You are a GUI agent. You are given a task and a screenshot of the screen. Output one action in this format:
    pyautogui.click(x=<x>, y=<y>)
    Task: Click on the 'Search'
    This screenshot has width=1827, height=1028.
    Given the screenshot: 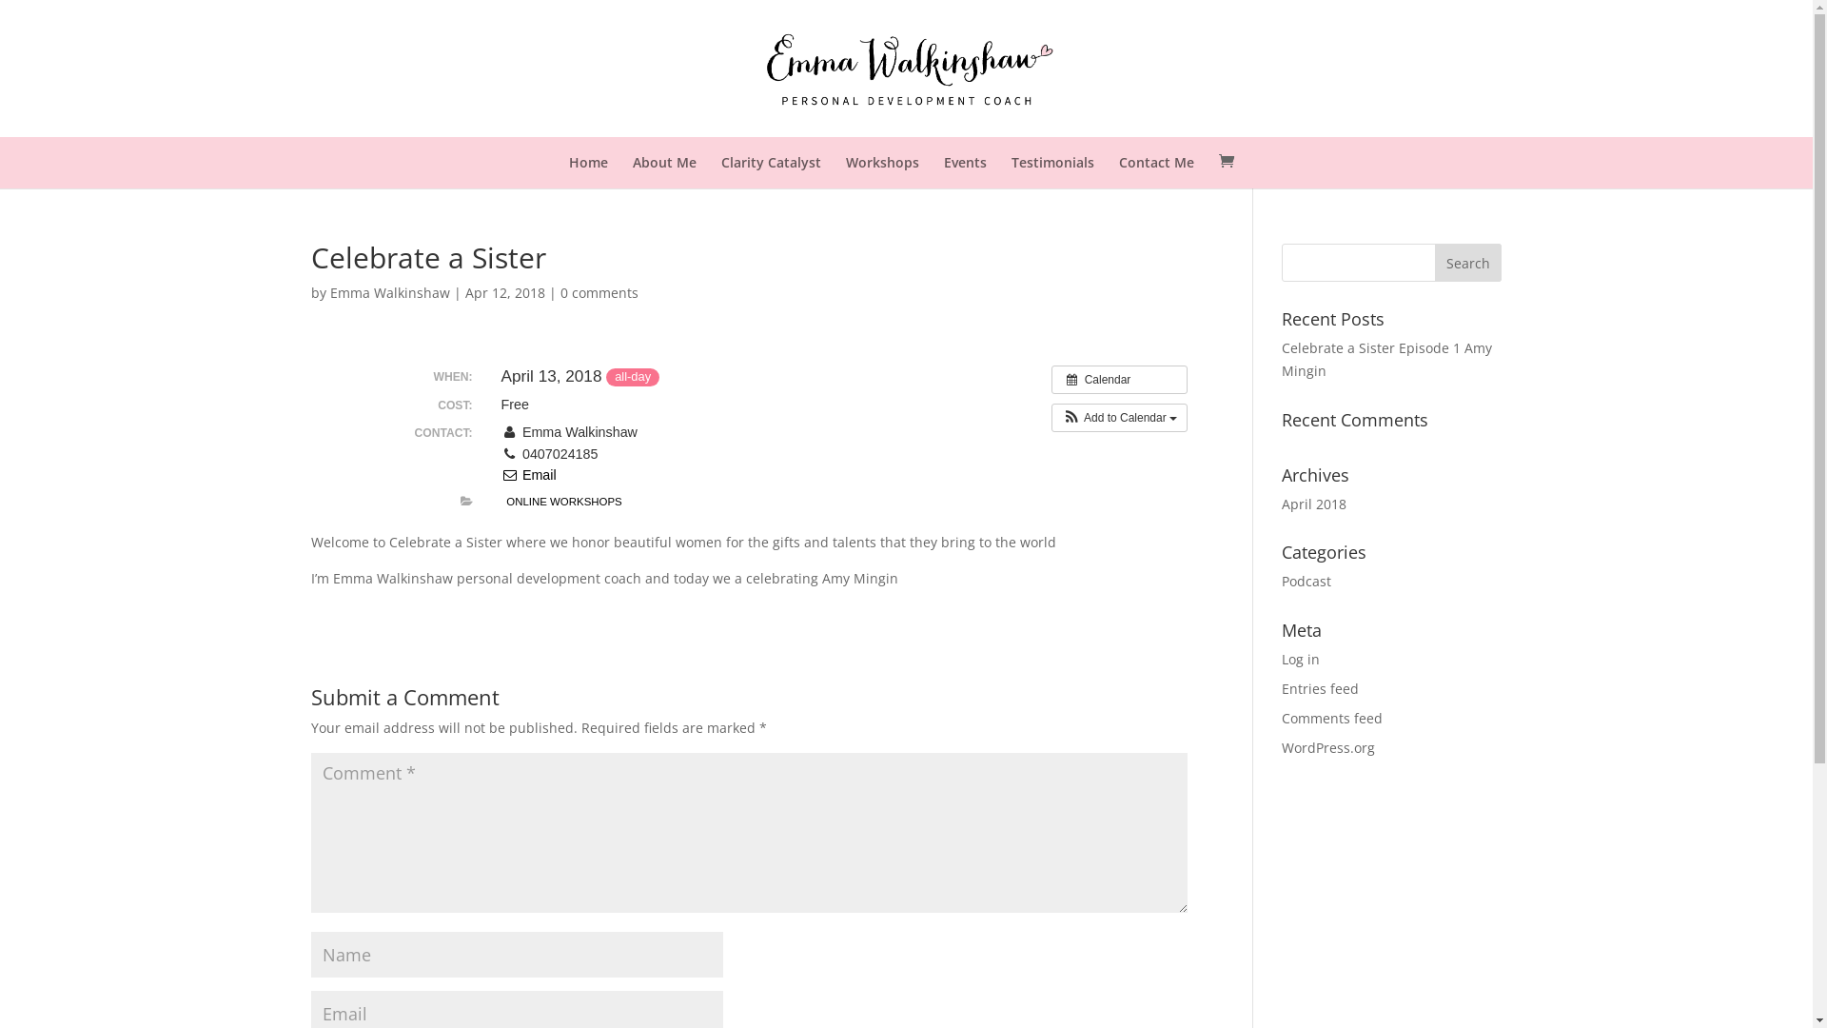 What is the action you would take?
    pyautogui.click(x=1466, y=263)
    